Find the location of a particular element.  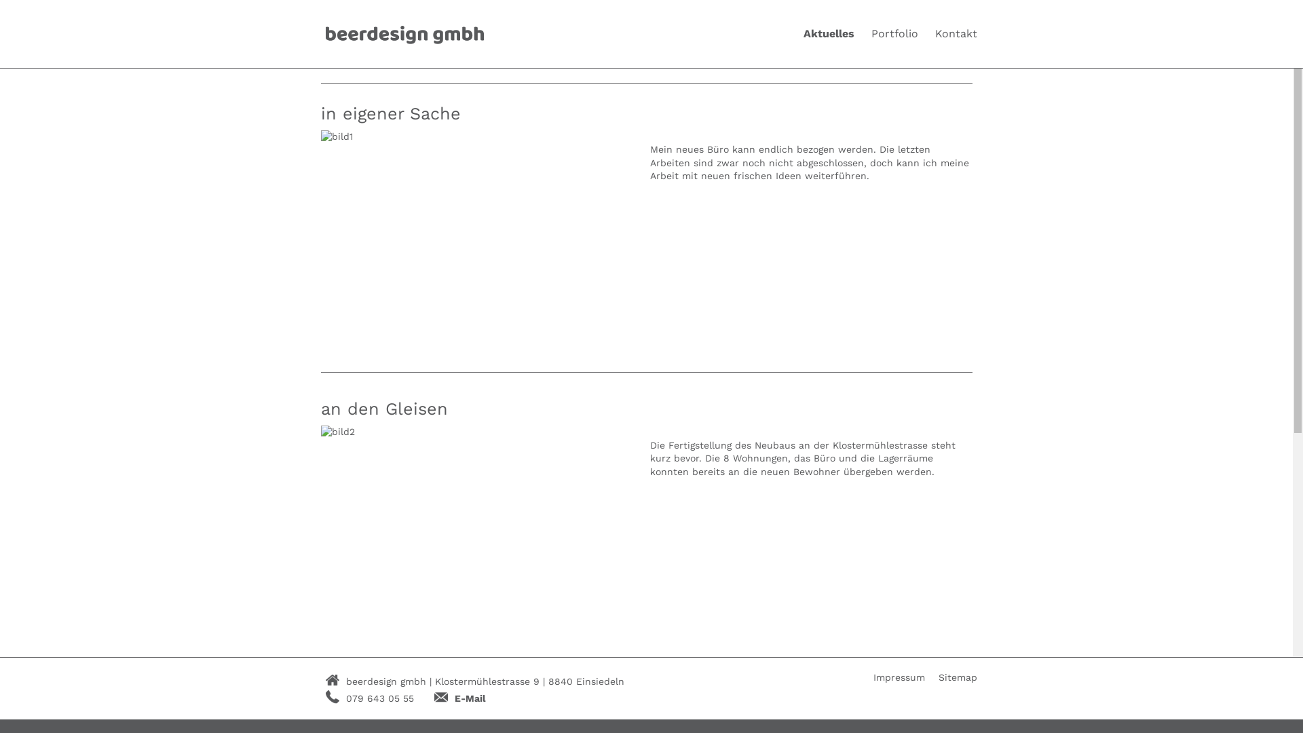

'Aktuelles' is located at coordinates (828, 33).